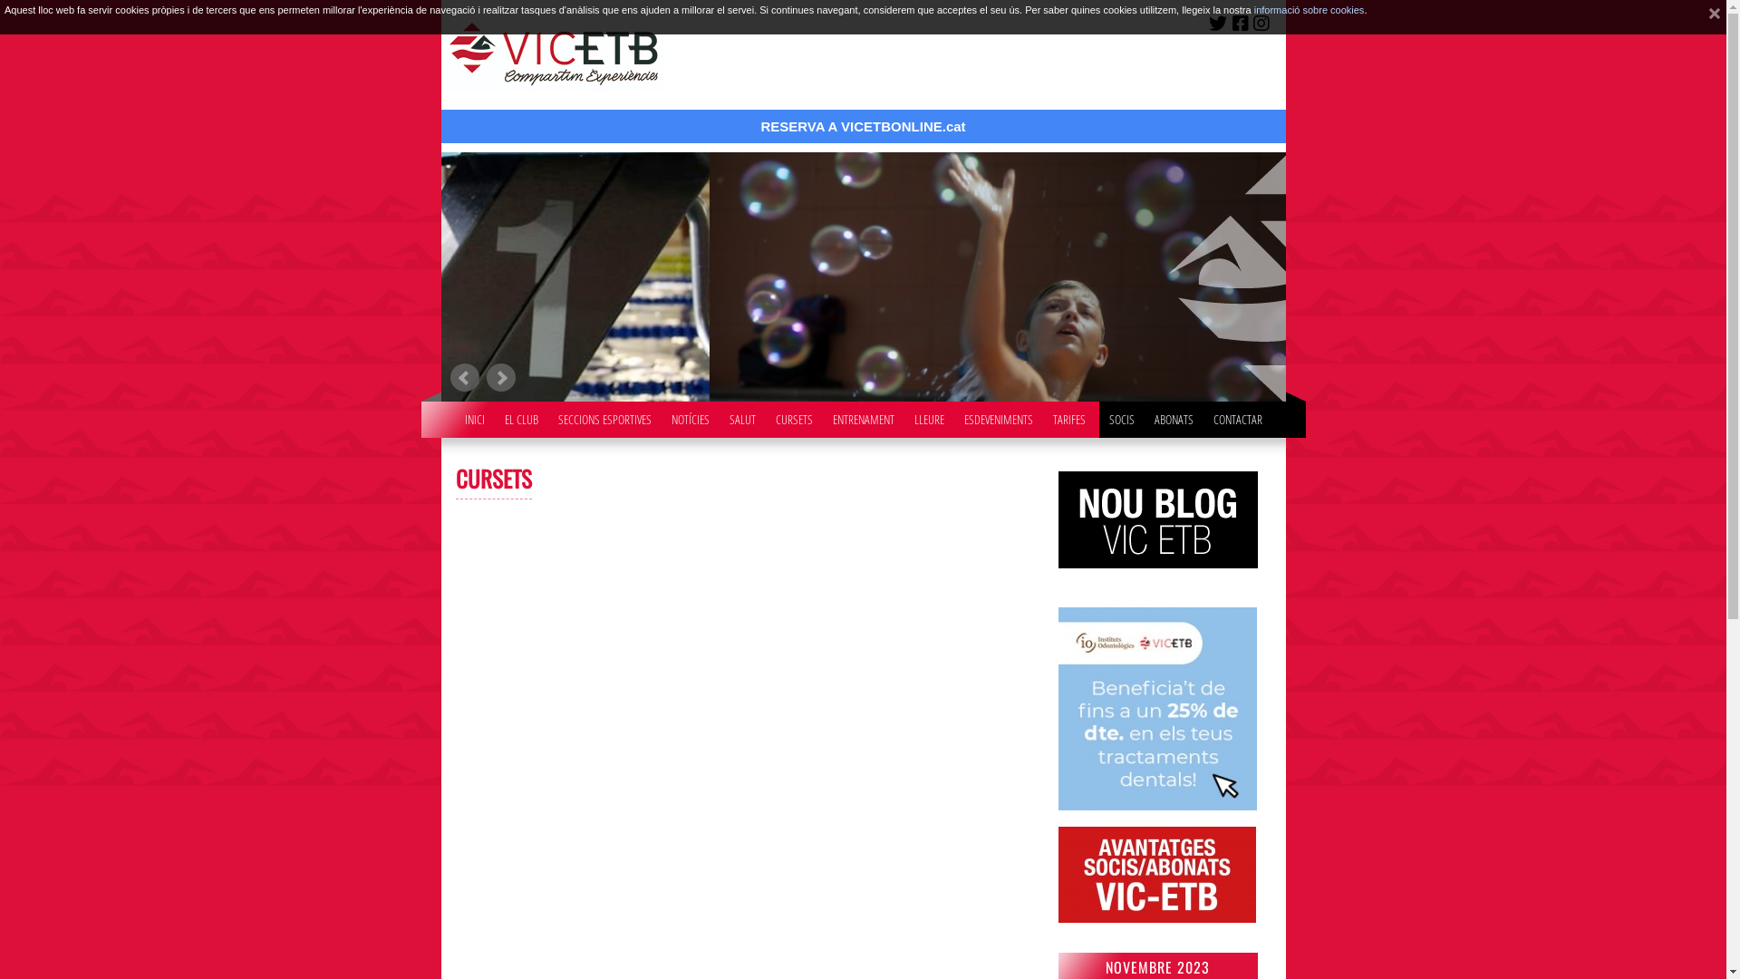  What do you see at coordinates (464, 376) in the screenshot?
I see `'Prev'` at bounding box center [464, 376].